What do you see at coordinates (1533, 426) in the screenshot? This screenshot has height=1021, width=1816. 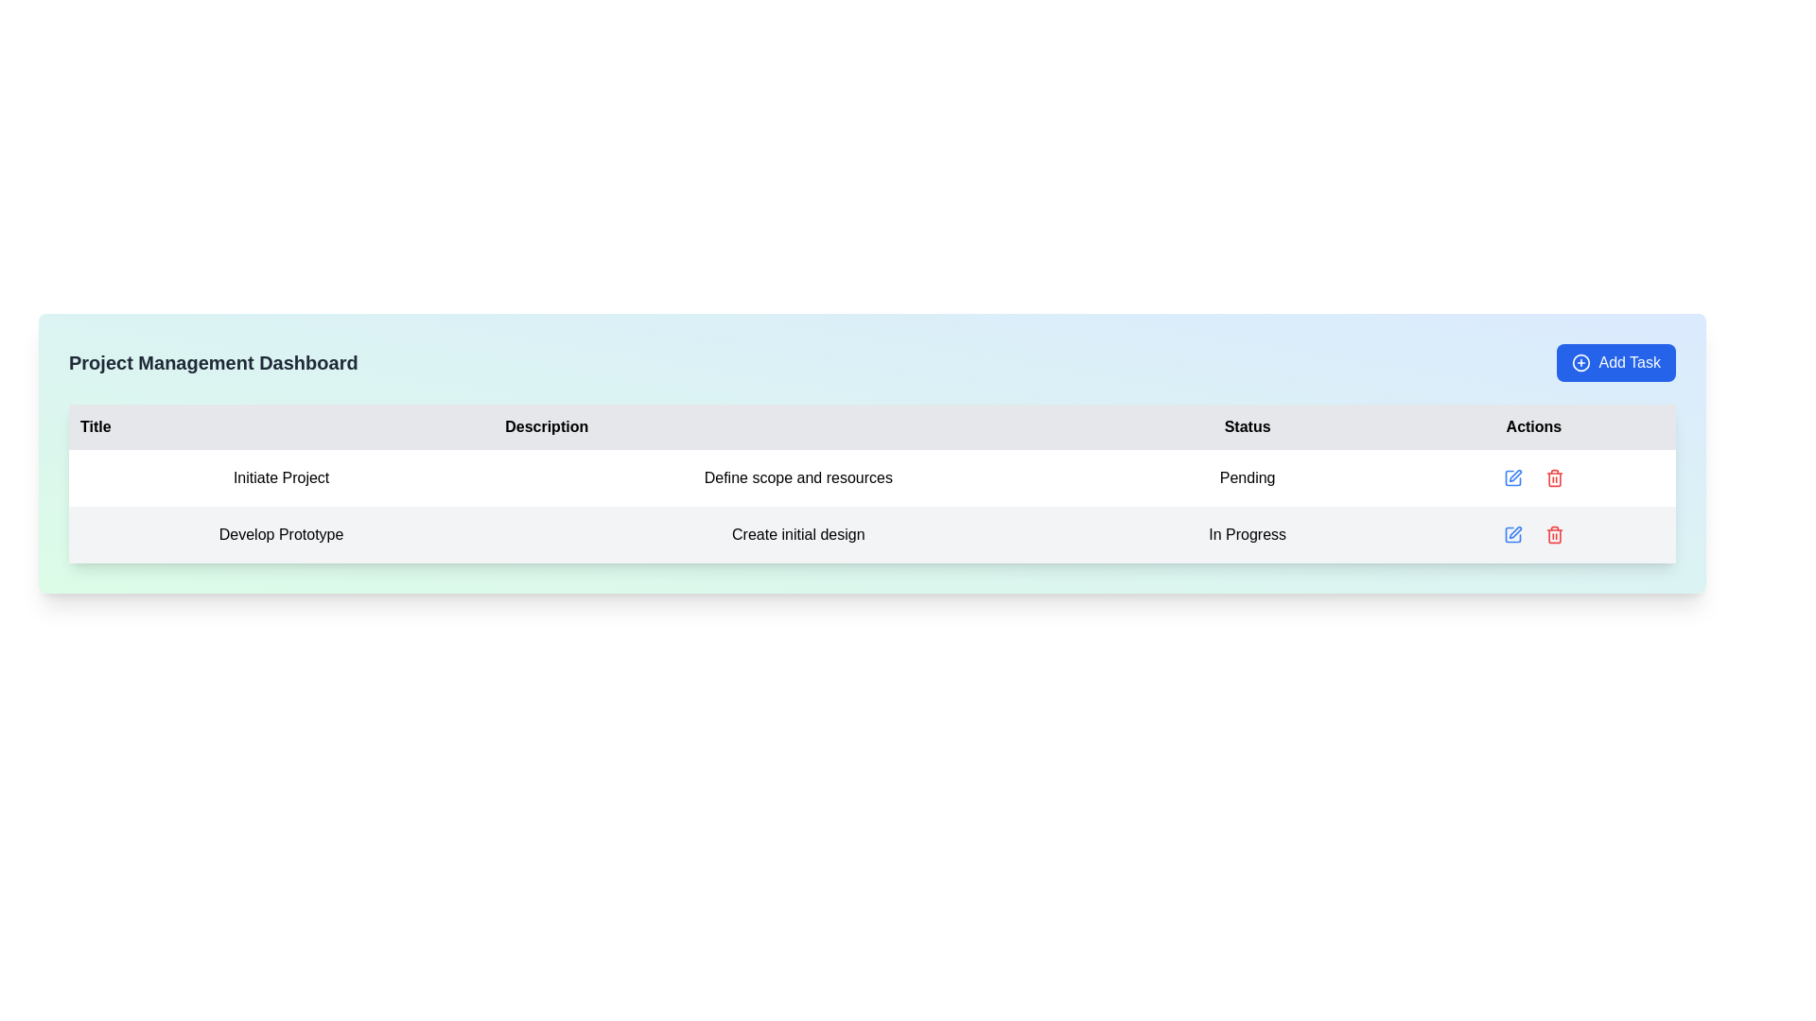 I see `the 'Actions' header of the table column, which is the last column header in the dashboard interface, positioned to the right of the 'Status' header` at bounding box center [1533, 426].